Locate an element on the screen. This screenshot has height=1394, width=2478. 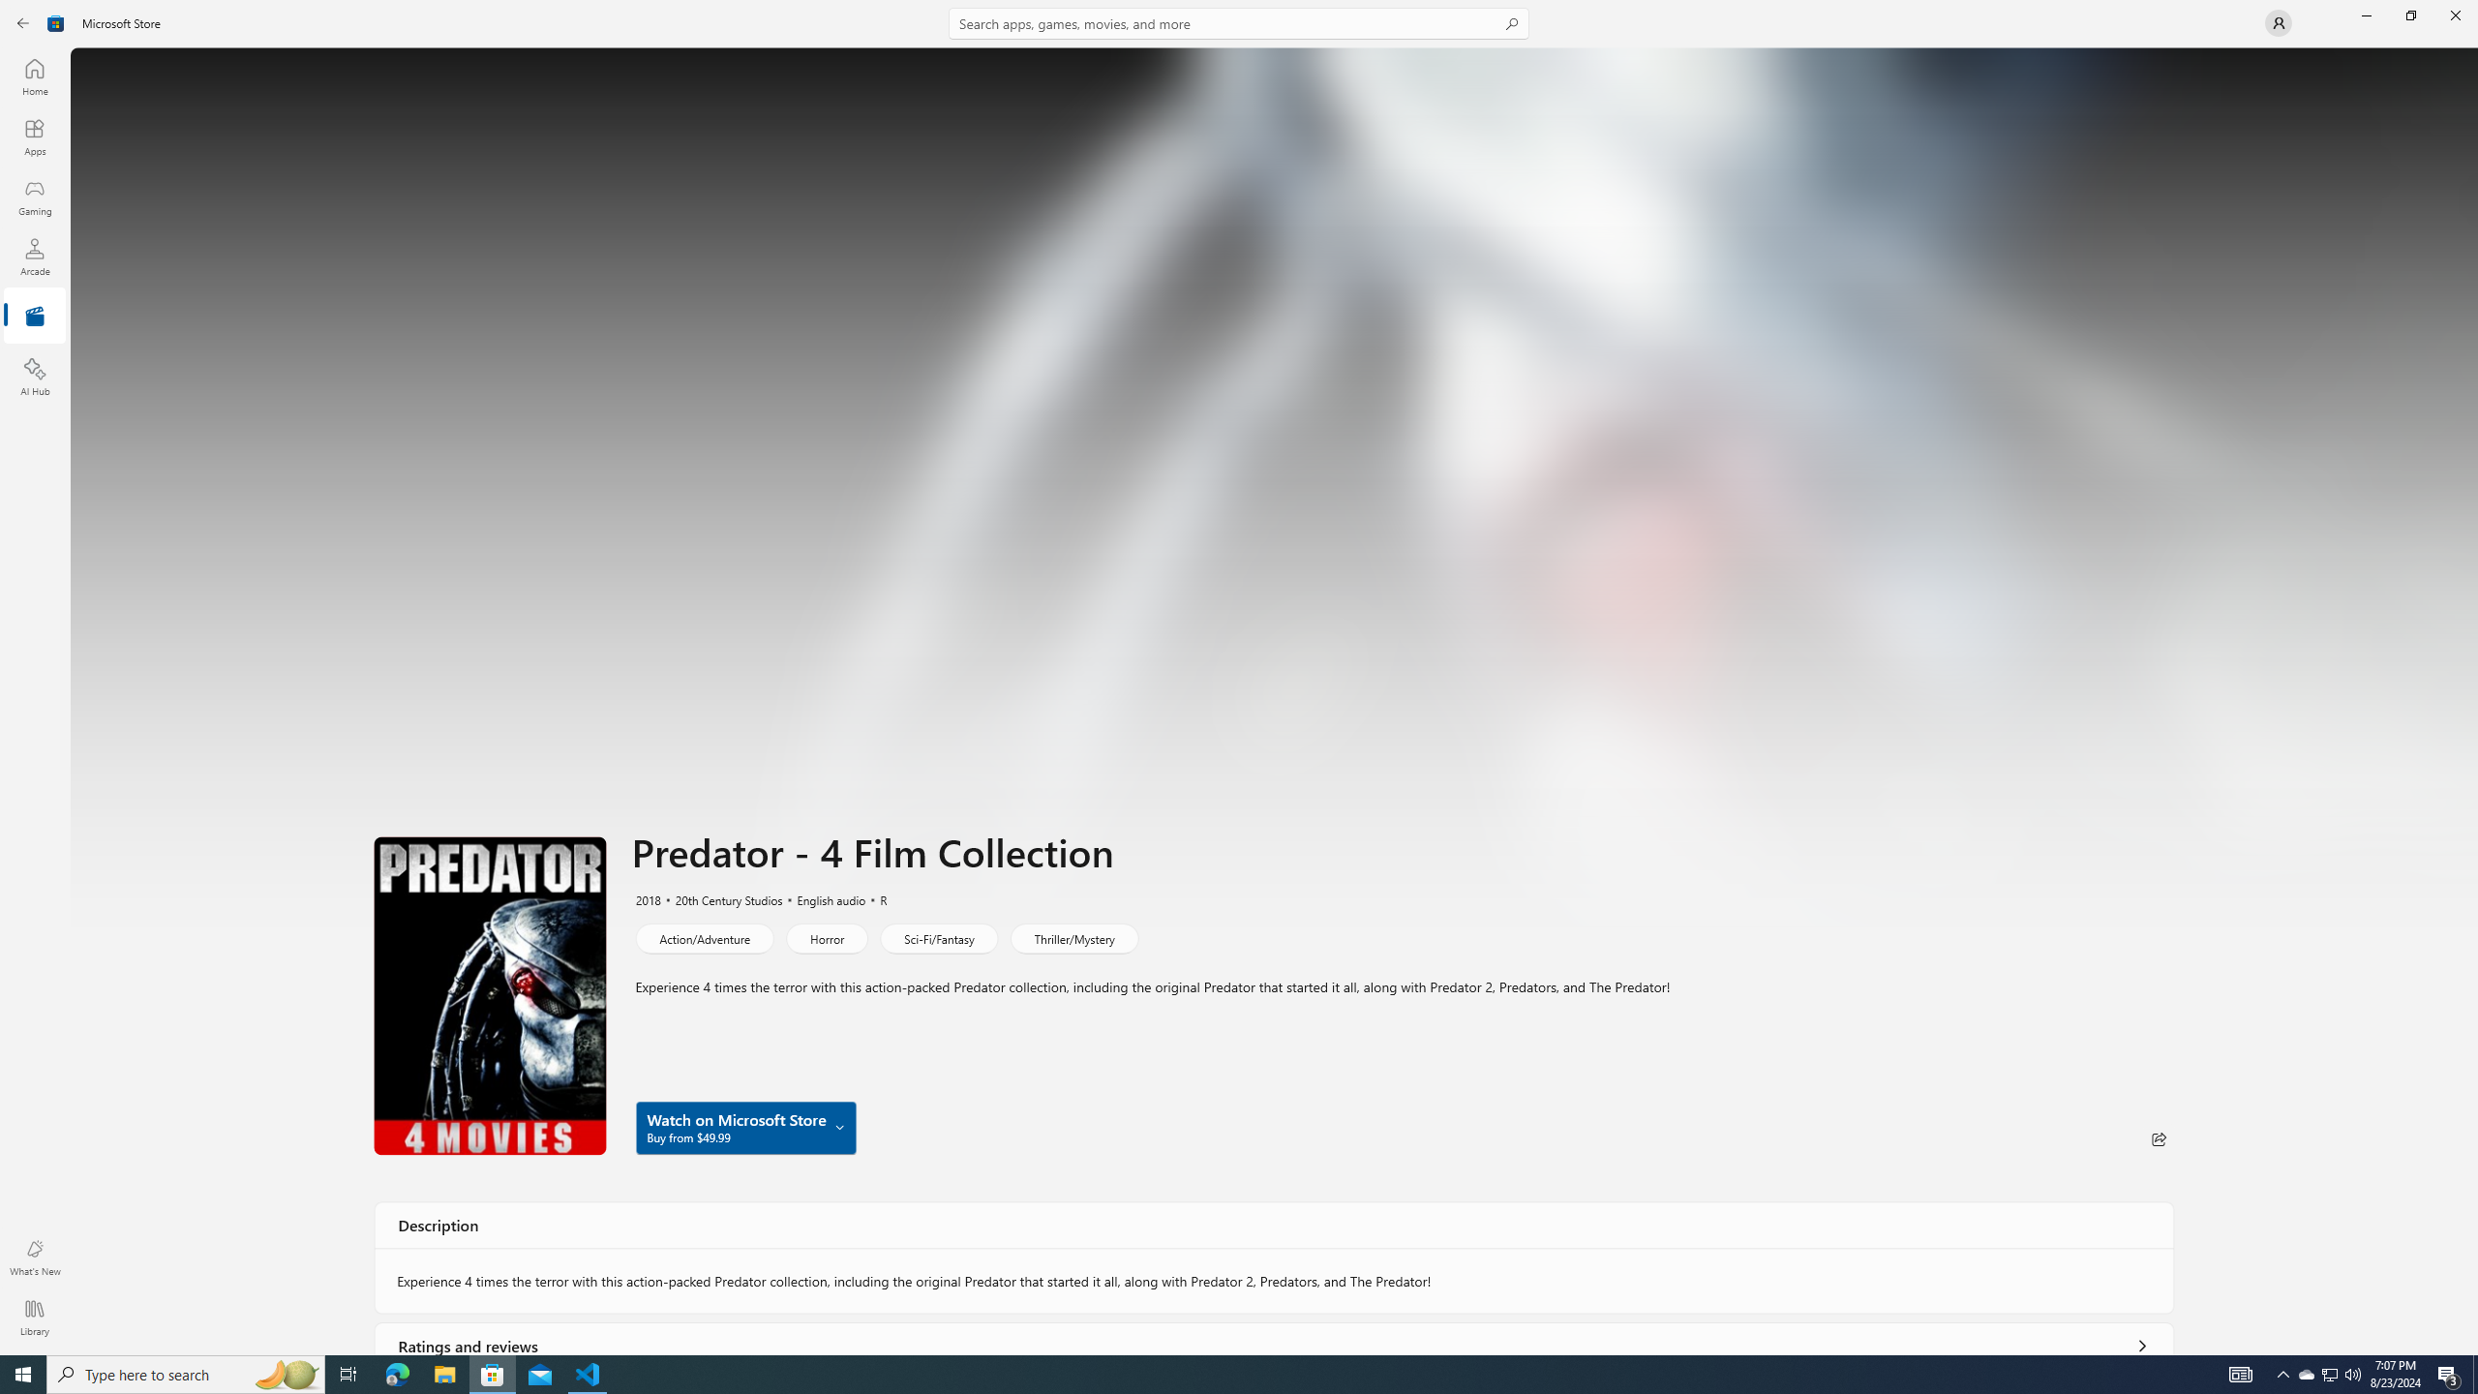
'R' is located at coordinates (873, 897).